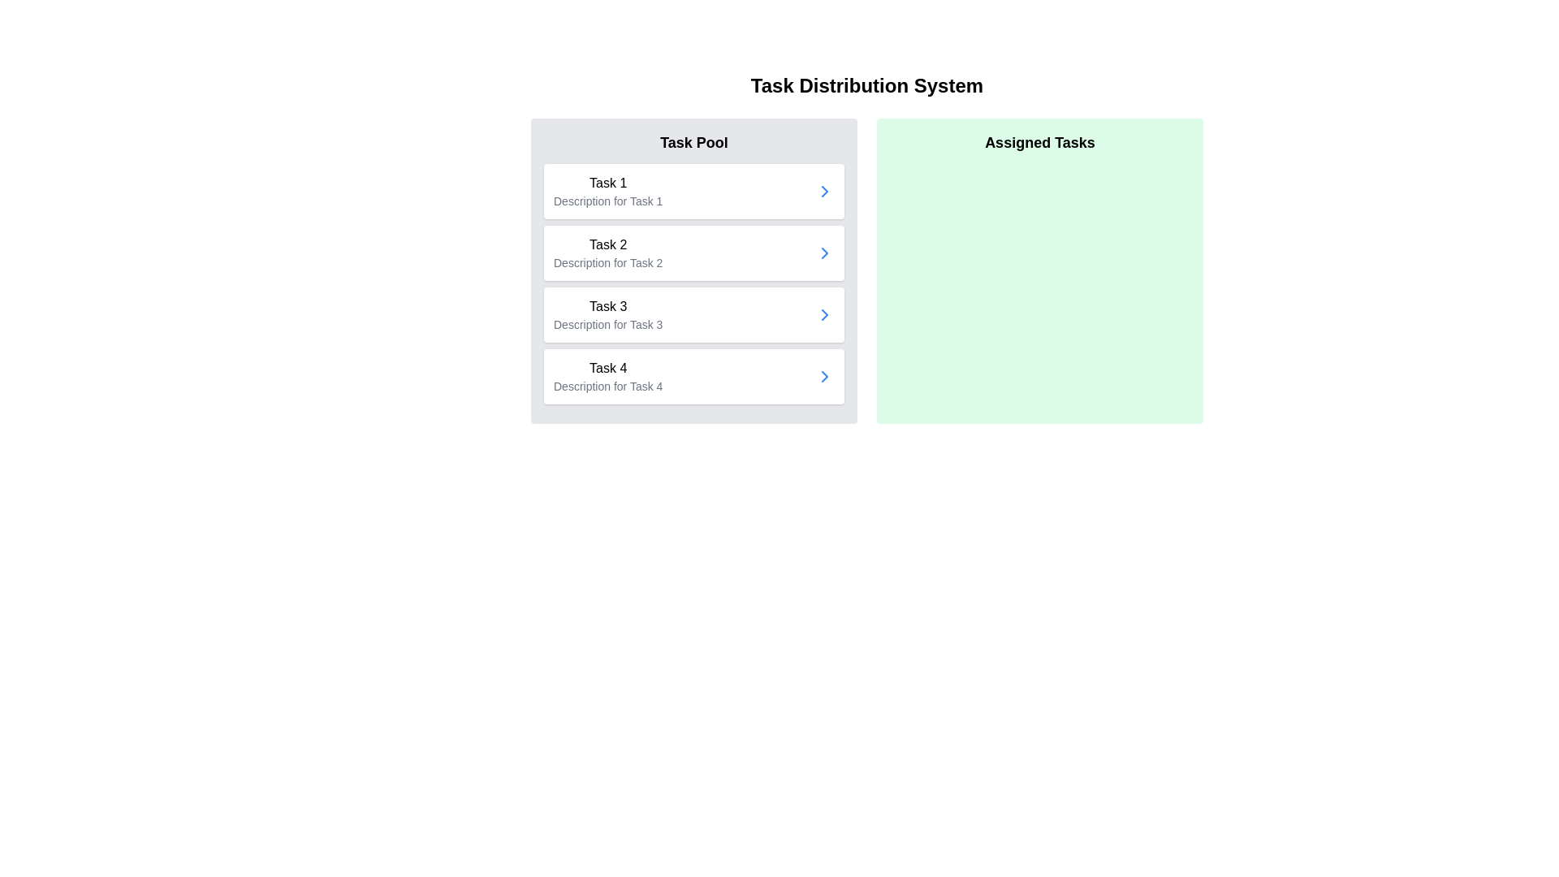 The width and height of the screenshot is (1559, 877). Describe the element at coordinates (825, 376) in the screenshot. I see `the right-pointing arrow icon next to the descriptive text for 'Task 3' in the Task Pool section` at that location.